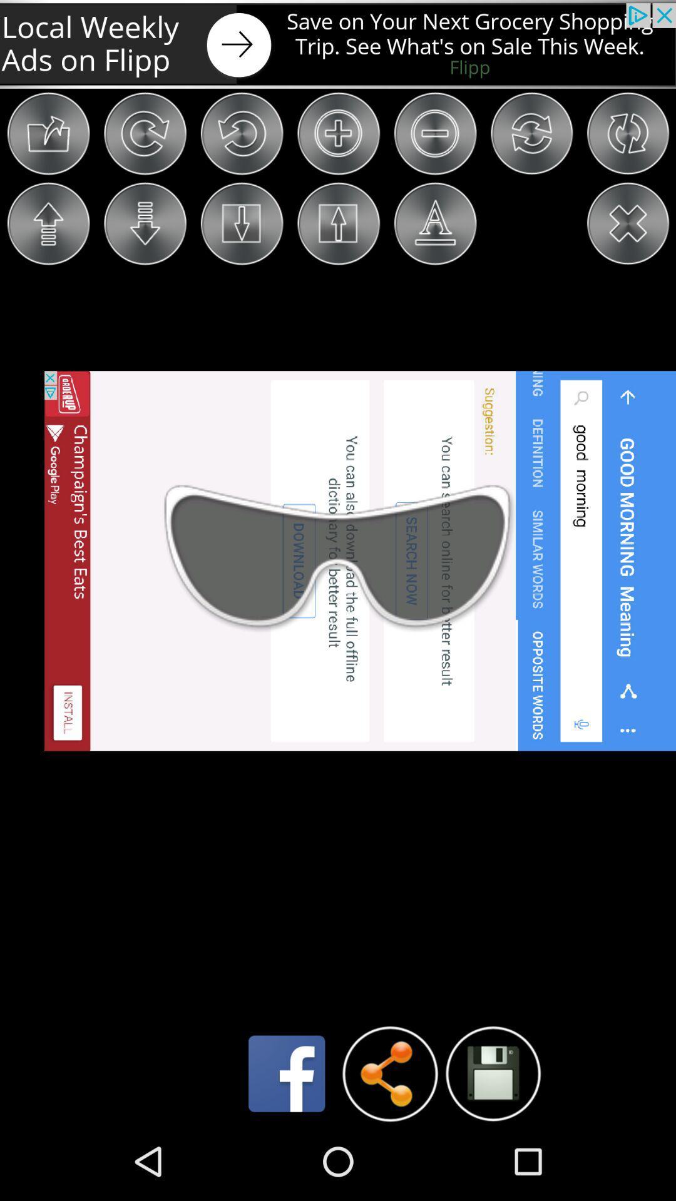 The width and height of the screenshot is (676, 1201). I want to click on the facebook icon, so click(287, 1149).